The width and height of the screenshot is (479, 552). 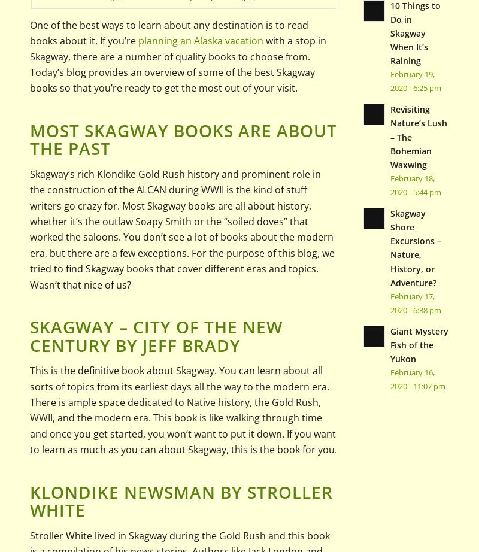 I want to click on 'This is the definitive book about Skagway. You can learn about all sorts of topics from its earliest days all the way to the modern era. There is ample space dedicated to Native history, the Gold Rush, WWII, and the modern era. This book is like walking through time and once you get started, you won’t want to put it down. If you want to learn as much as you can about Skagway, this is the book for you.', so click(x=183, y=410).